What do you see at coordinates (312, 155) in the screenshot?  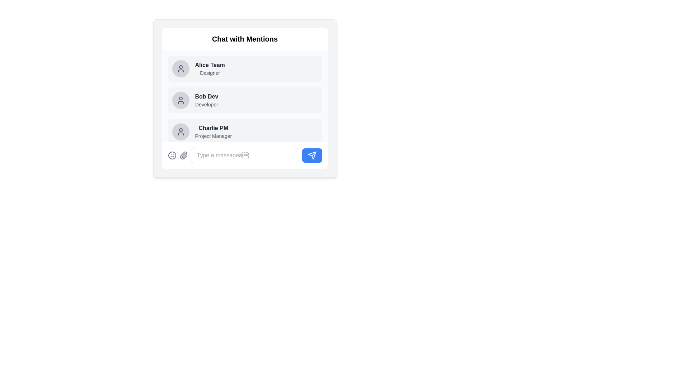 I see `the 'Send' icon located at the bottom-right corner of the chat interface to send the typed message` at bounding box center [312, 155].